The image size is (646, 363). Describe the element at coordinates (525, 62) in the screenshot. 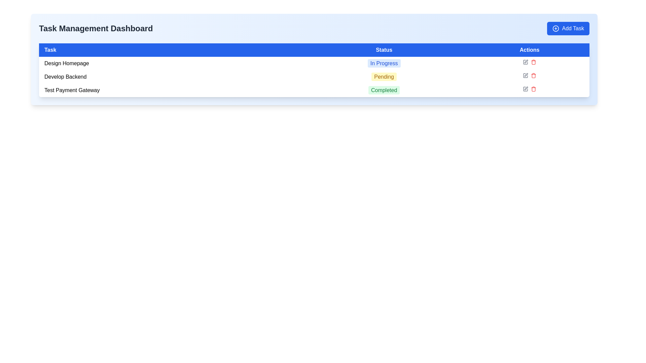

I see `the edit Icon button located on the rightmost side of the row for the task 'Design Homepage'` at that location.